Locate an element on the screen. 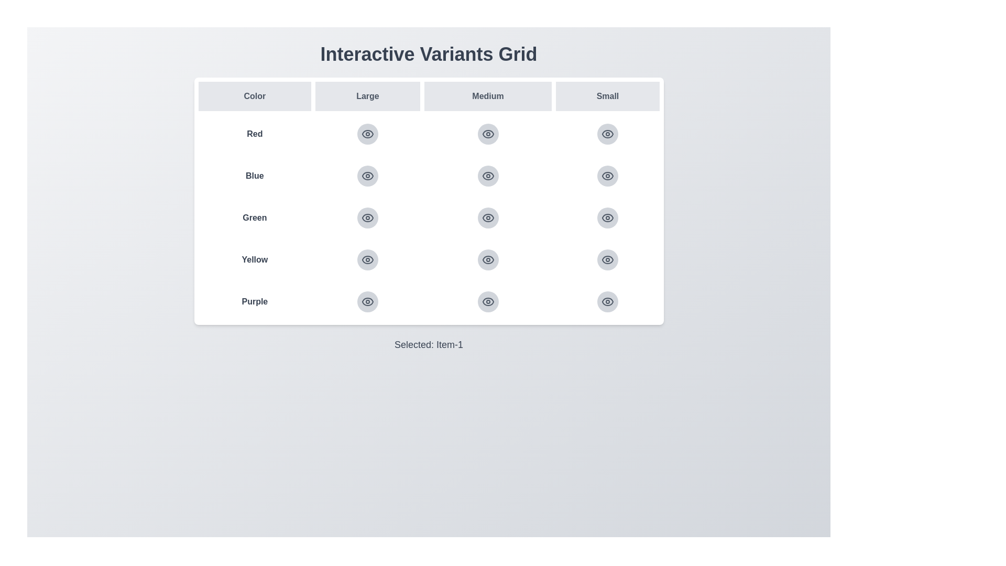 Image resolution: width=1006 pixels, height=566 pixels. the interactive button located in the 'Interactive Variants Grid' under the 'Large' column and aligned with the 'Red' row for visual feedback is located at coordinates (367, 133).